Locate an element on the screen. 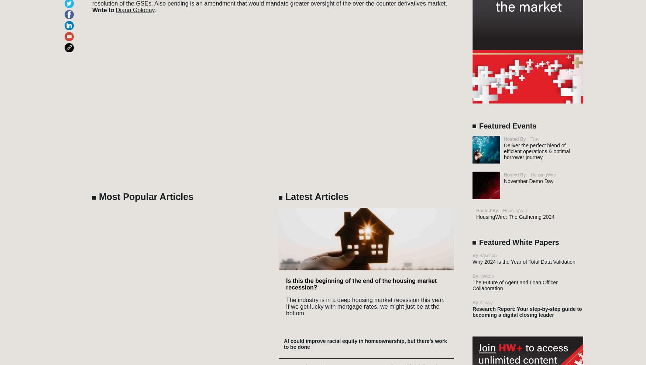 The image size is (646, 365). 'HW Content Solutions' is located at coordinates (363, 301).